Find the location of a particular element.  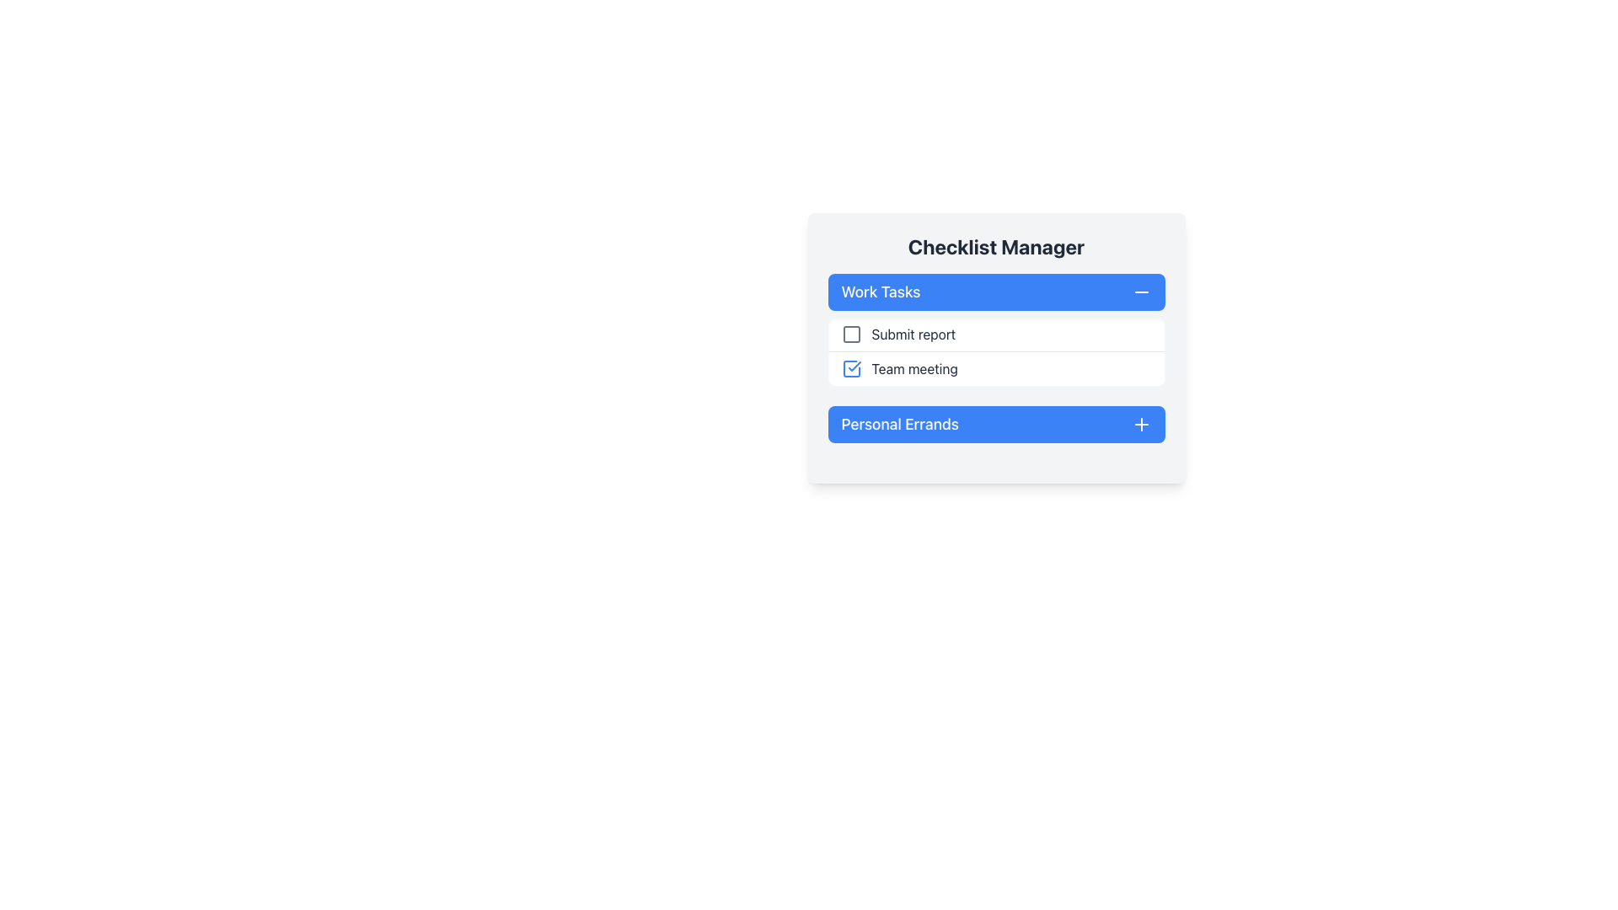

the Indicator icon in the Checklist Manager under Work Tasks, next to the Submit report item is located at coordinates (851, 335).